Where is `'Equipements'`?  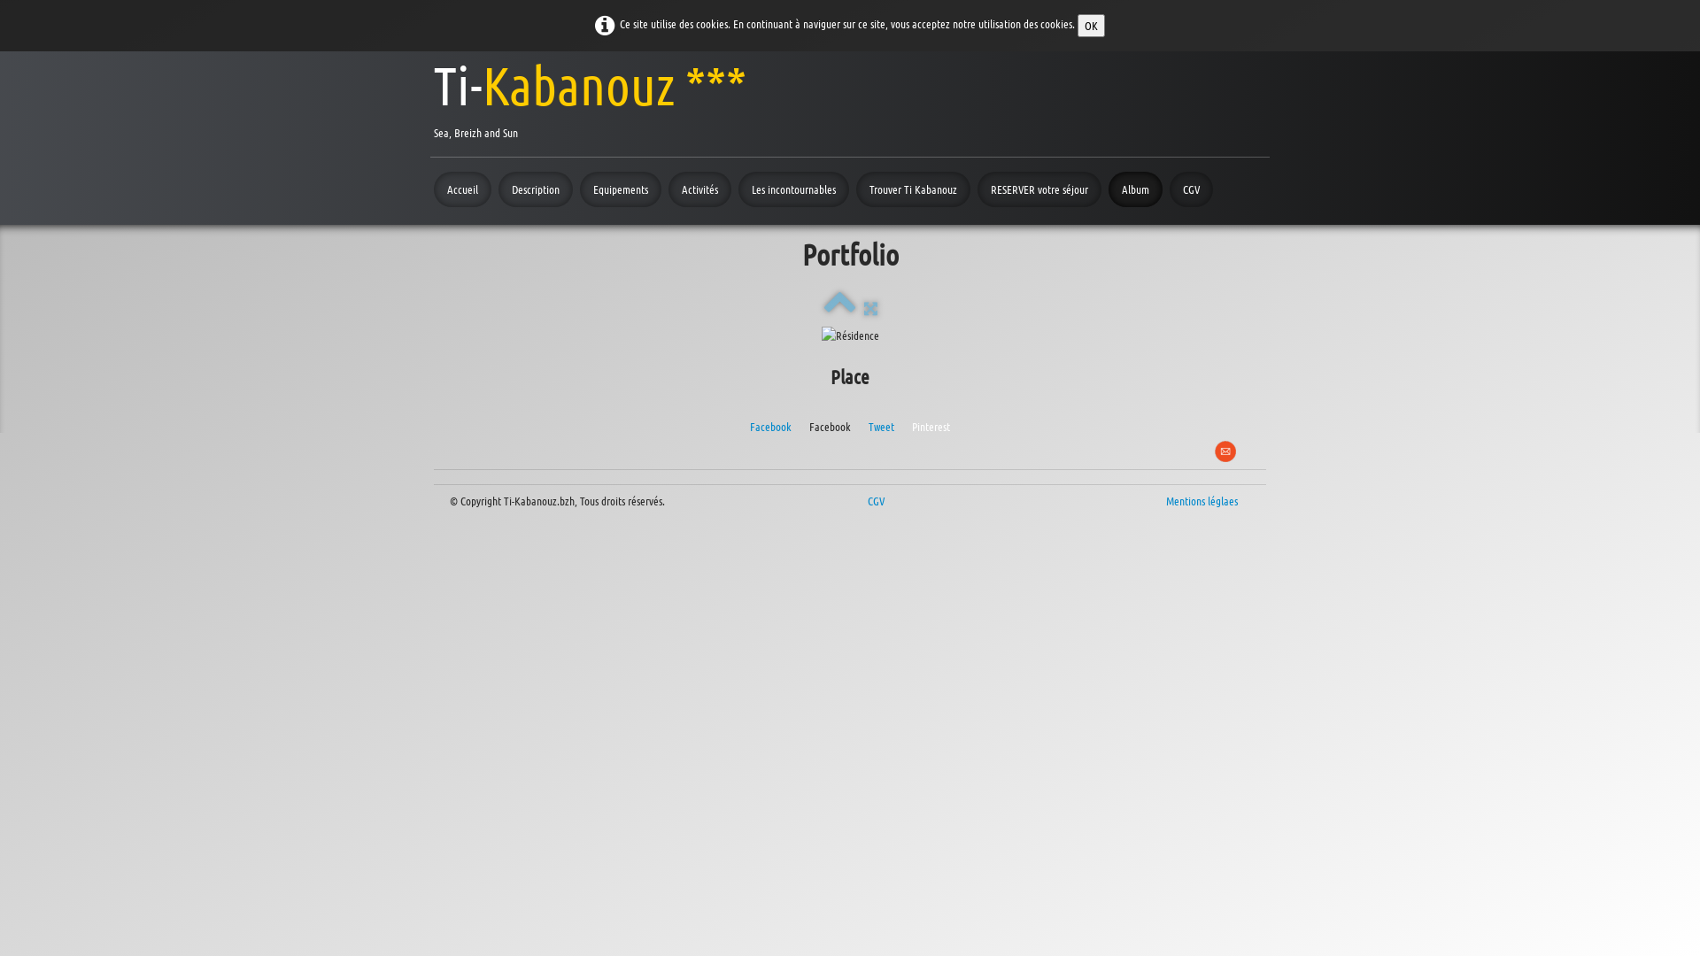 'Equipements' is located at coordinates (620, 189).